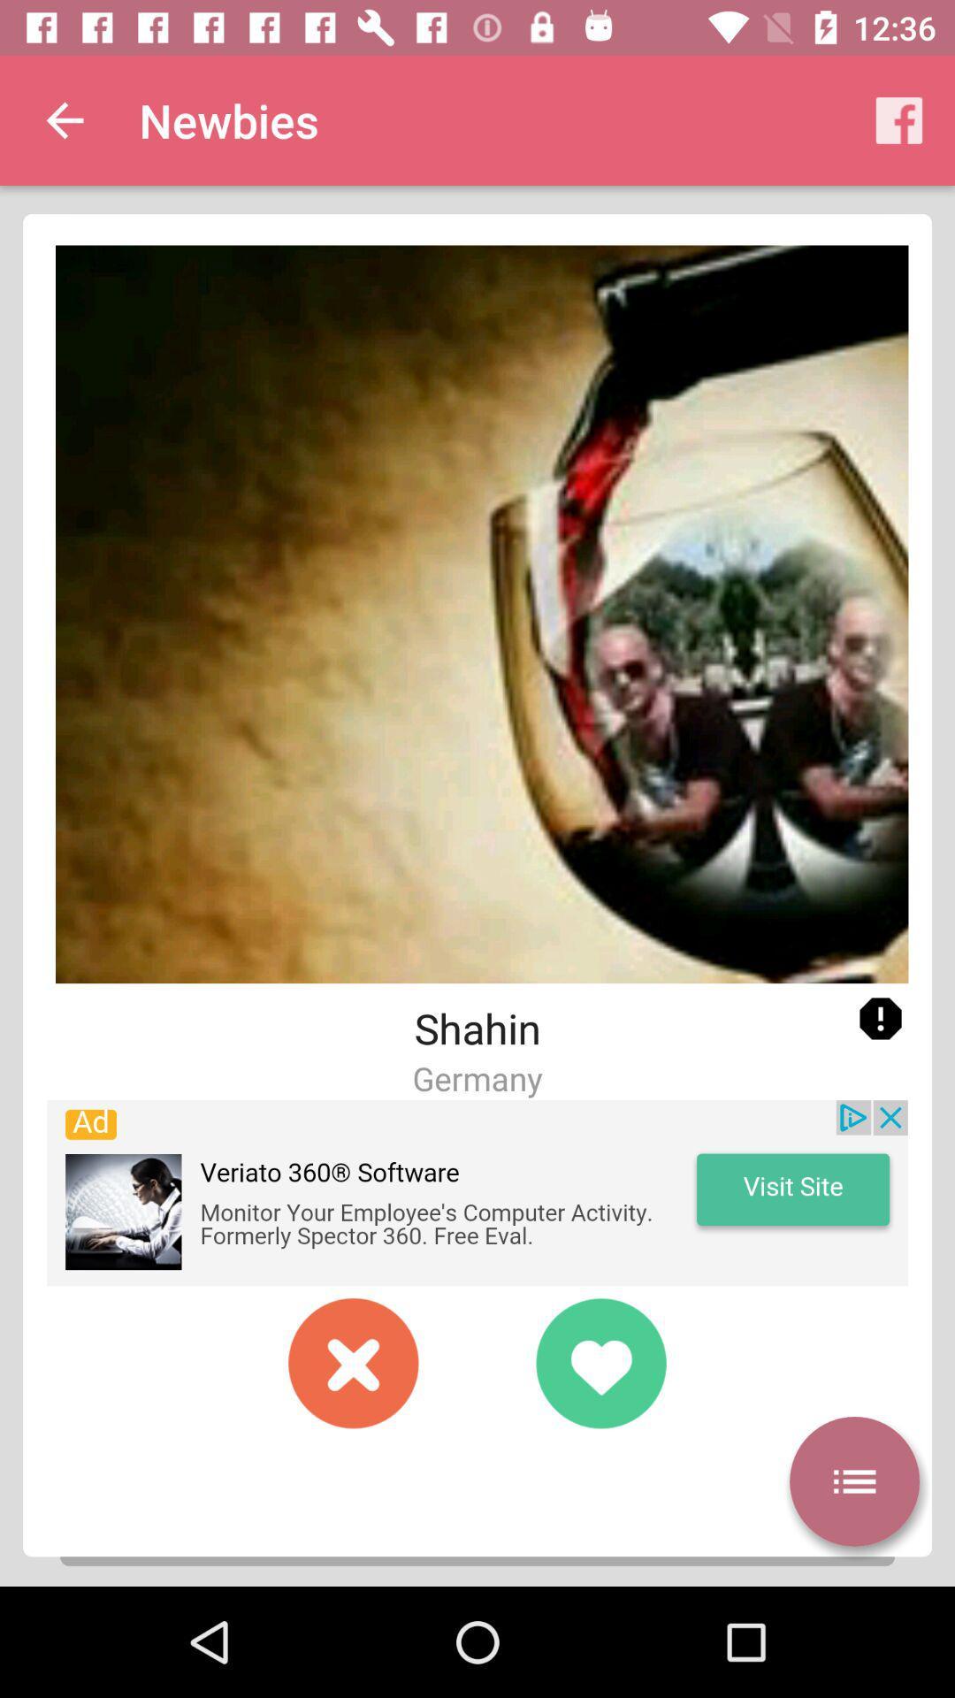 The height and width of the screenshot is (1698, 955). What do you see at coordinates (600, 1362) in the screenshot?
I see `to favorites` at bounding box center [600, 1362].